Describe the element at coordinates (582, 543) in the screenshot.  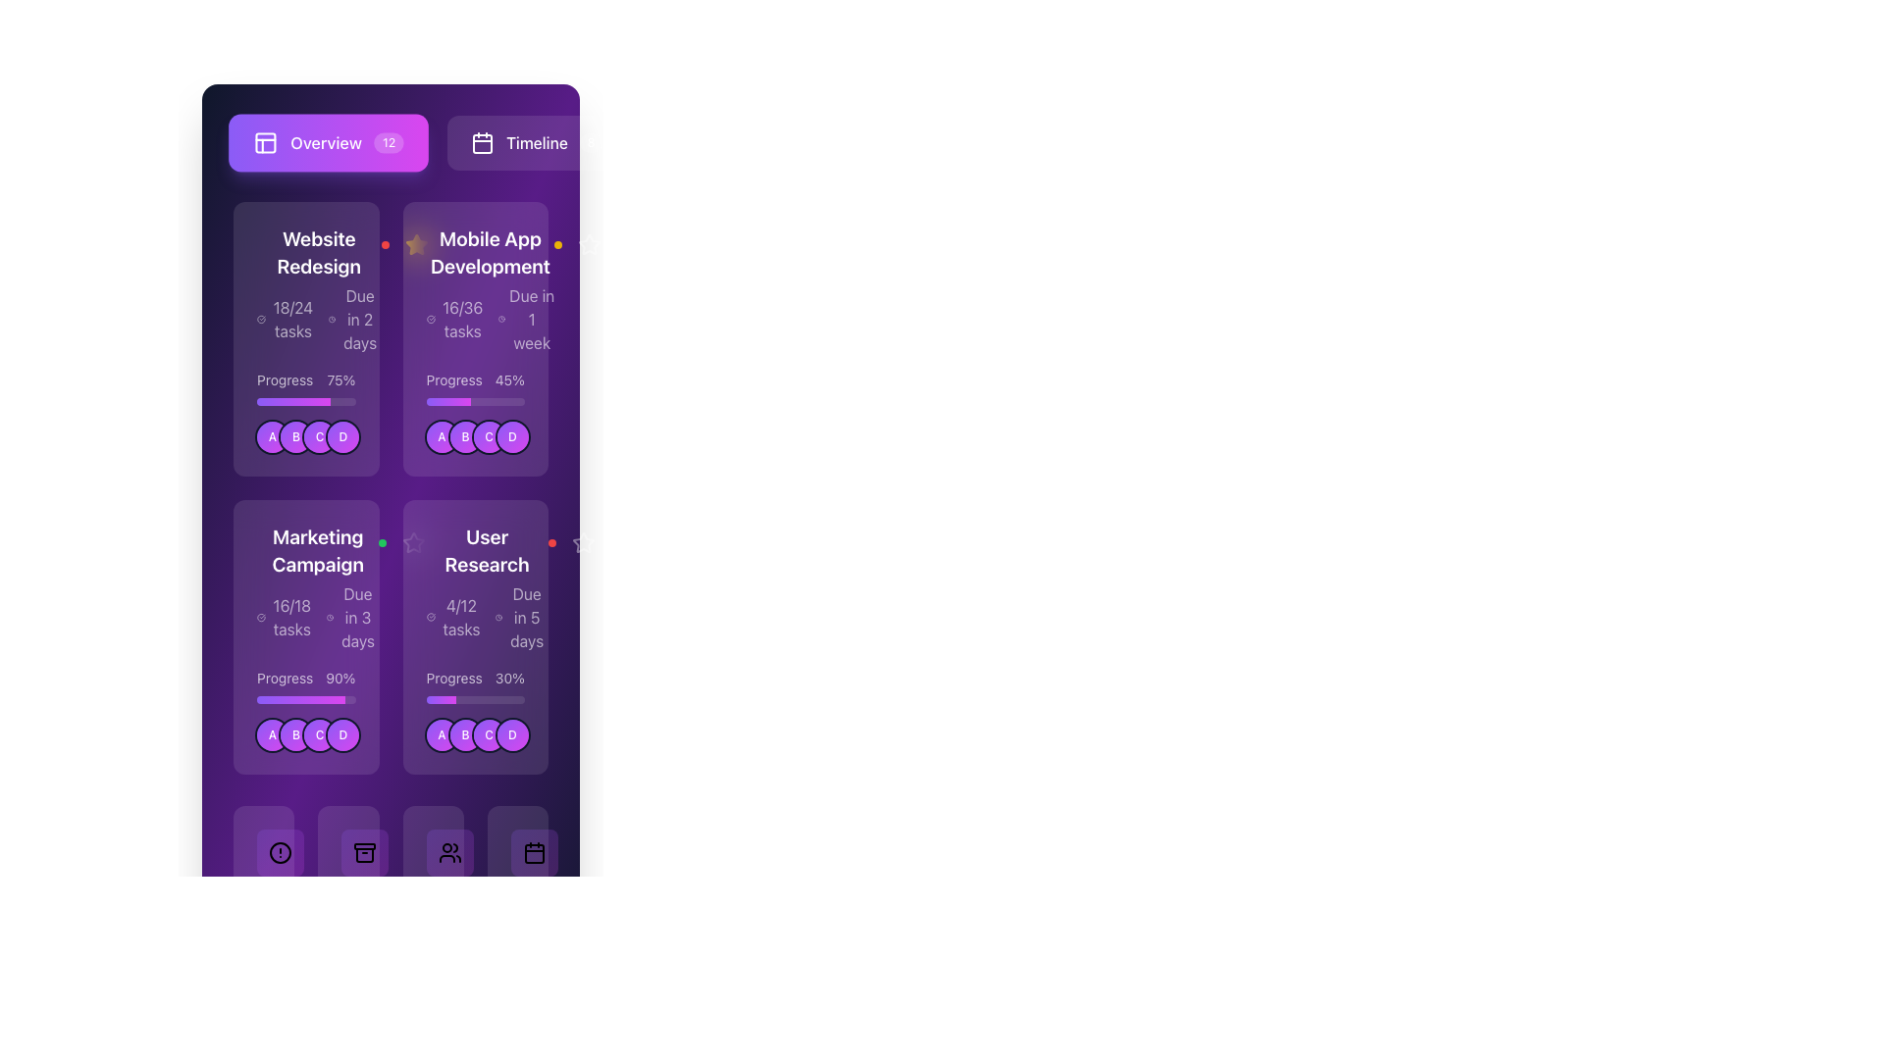
I see `the star button` at that location.